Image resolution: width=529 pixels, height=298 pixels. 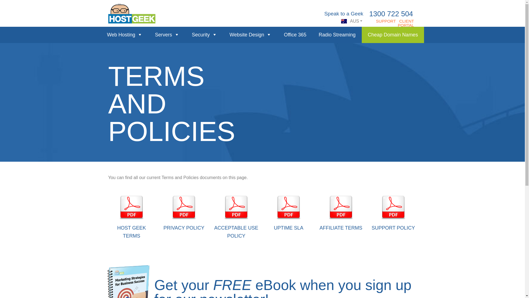 I want to click on 'Security', so click(x=204, y=35).